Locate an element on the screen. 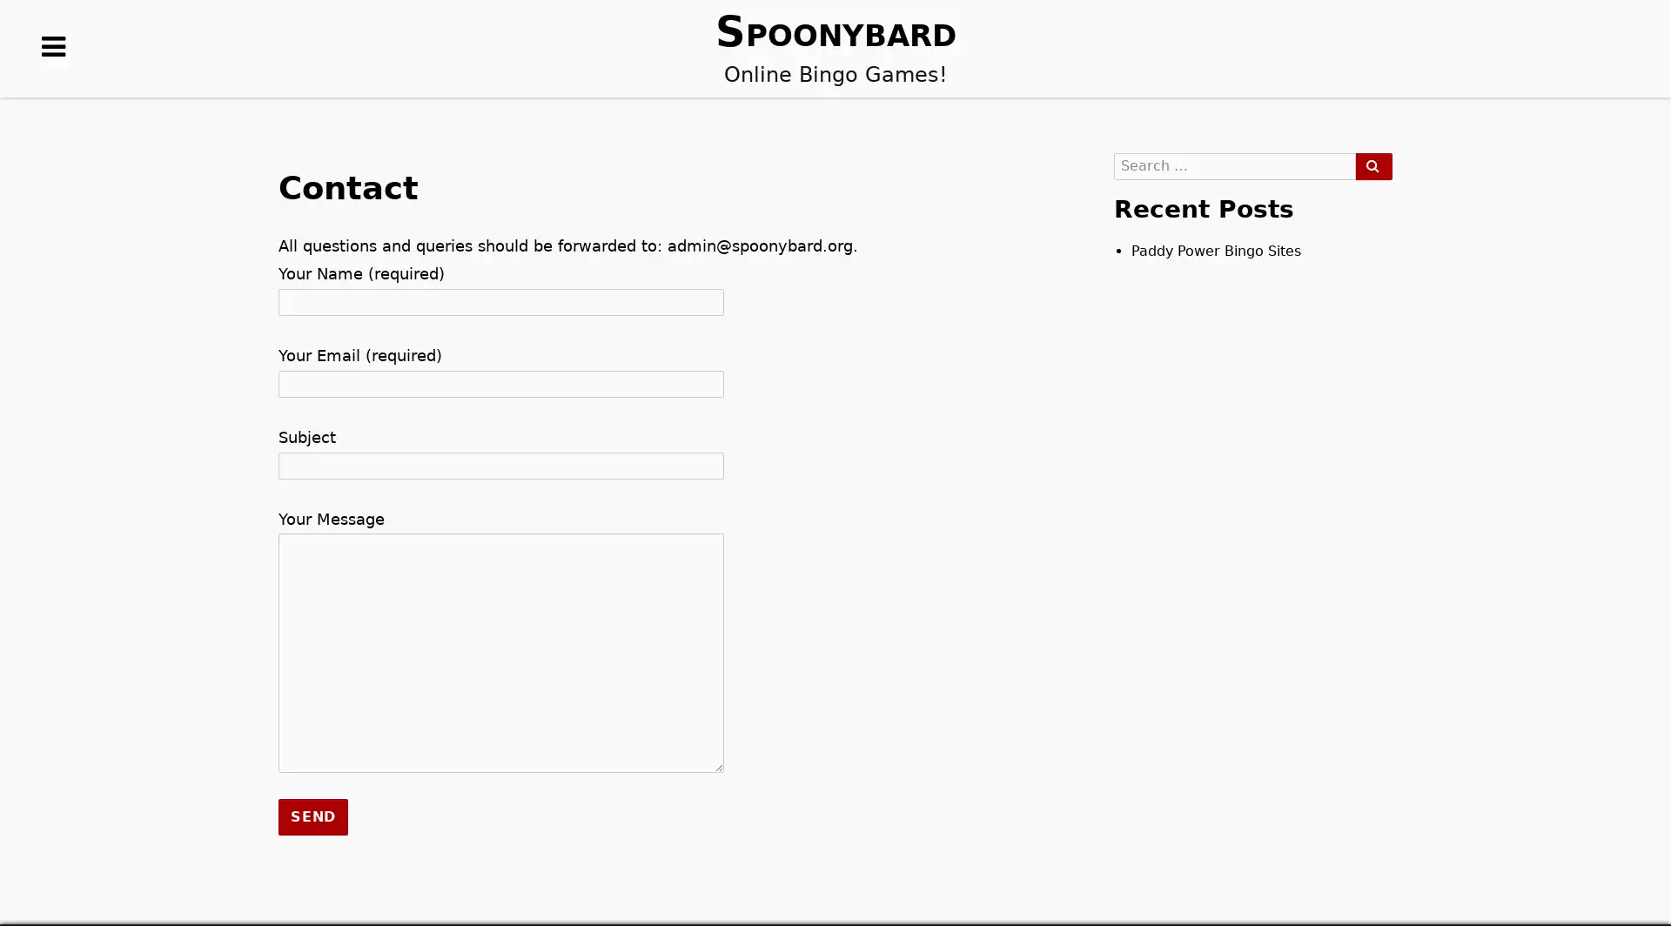 The width and height of the screenshot is (1671, 940). MENUS is located at coordinates (54, 73).